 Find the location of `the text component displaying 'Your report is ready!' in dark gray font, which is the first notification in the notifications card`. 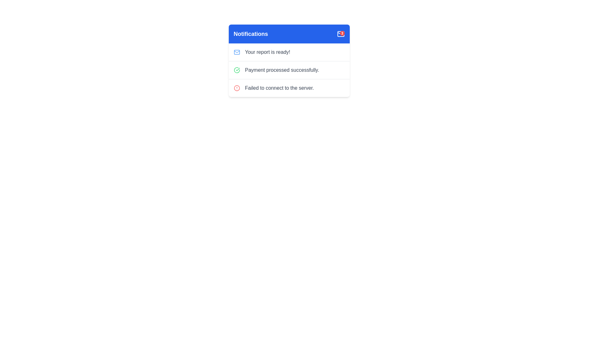

the text component displaying 'Your report is ready!' in dark gray font, which is the first notification in the notifications card is located at coordinates (268, 52).